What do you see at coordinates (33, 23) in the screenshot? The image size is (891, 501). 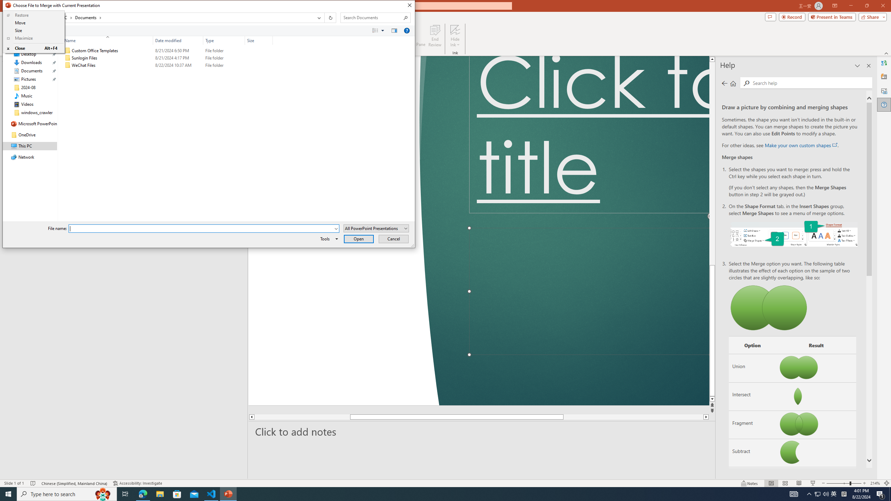 I see `'Move'` at bounding box center [33, 23].